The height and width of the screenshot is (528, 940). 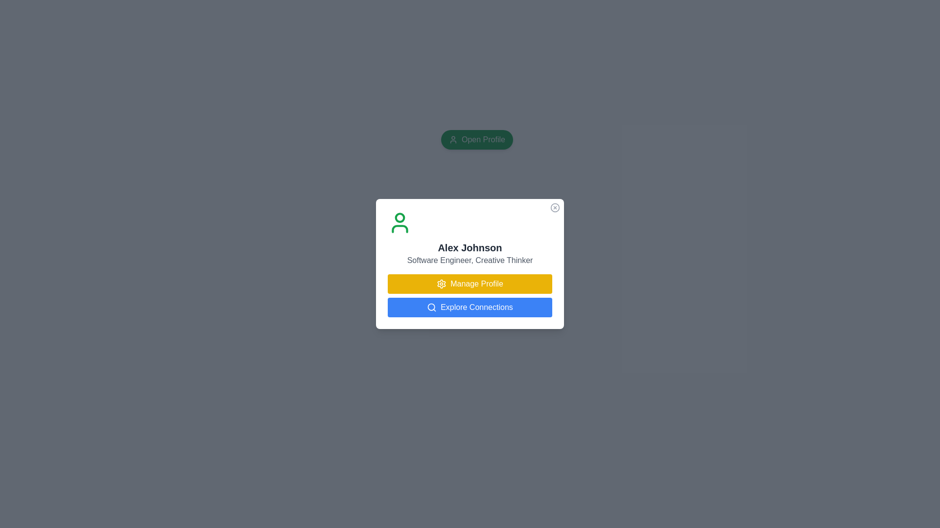 I want to click on the gear-shaped icon that is the leftmost icon within the 'Manage Profile' button, which is styled in yellow and located below the profile information section, so click(x=441, y=284).